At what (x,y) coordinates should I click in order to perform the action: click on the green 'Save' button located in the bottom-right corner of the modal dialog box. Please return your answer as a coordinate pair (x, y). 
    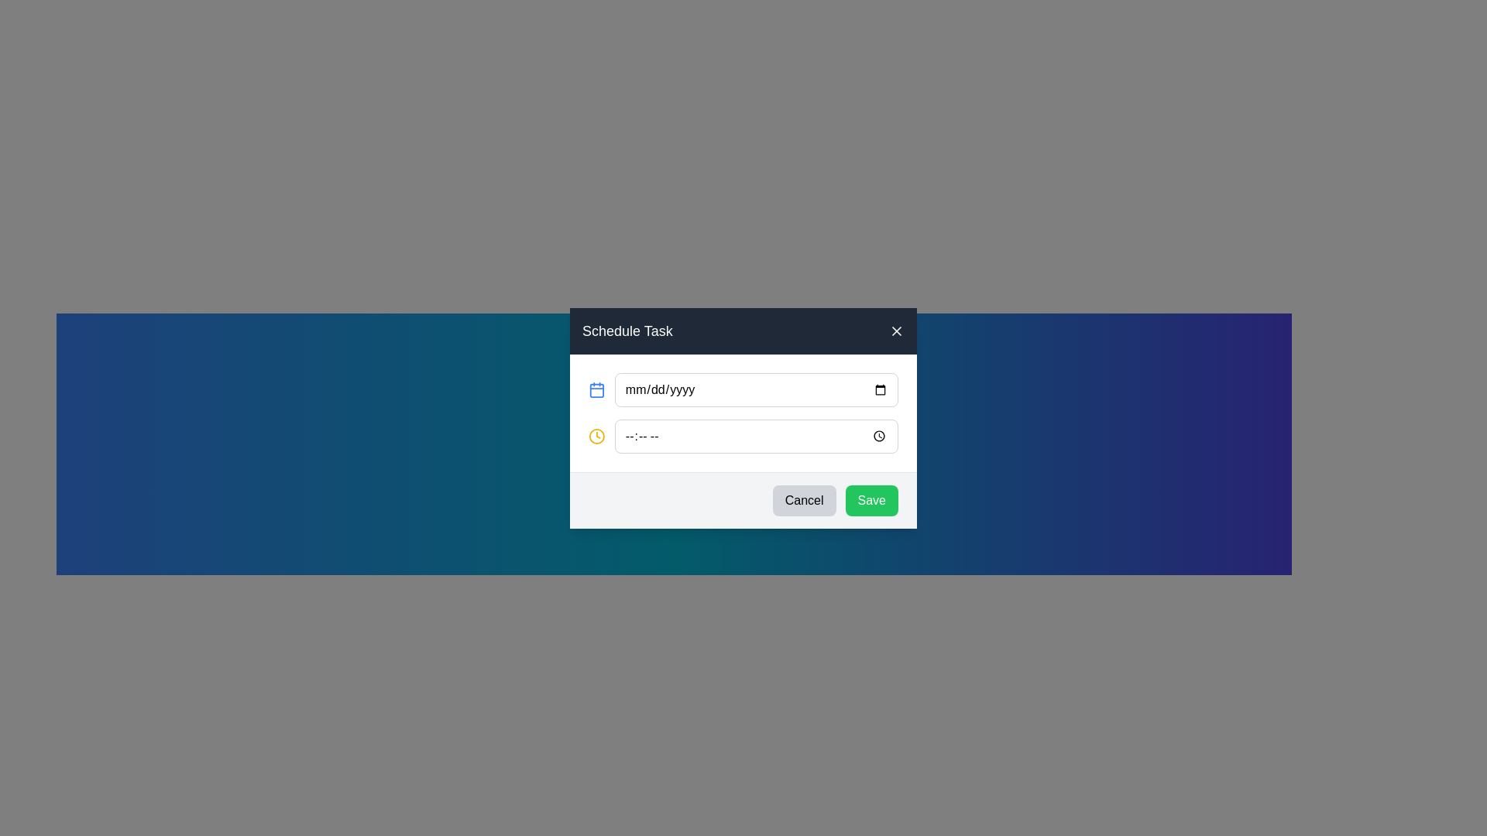
    Looking at the image, I should click on (871, 500).